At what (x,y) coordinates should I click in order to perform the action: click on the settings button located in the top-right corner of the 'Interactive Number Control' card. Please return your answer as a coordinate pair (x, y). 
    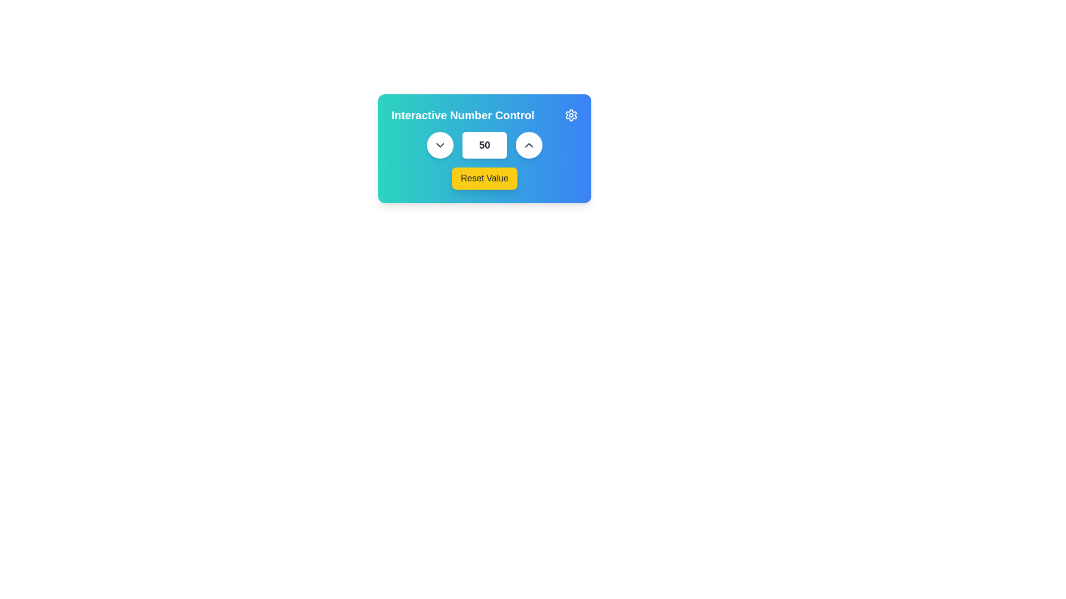
    Looking at the image, I should click on (571, 115).